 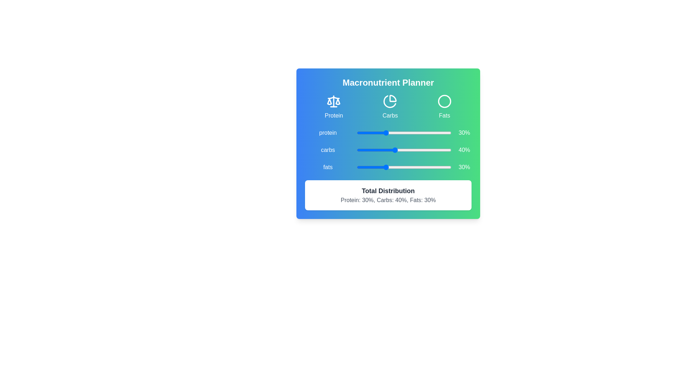 What do you see at coordinates (444, 101) in the screenshot?
I see `the inner circular part of the 'Fats' icon in the top-right section of the Macronutrient Planner interface` at bounding box center [444, 101].